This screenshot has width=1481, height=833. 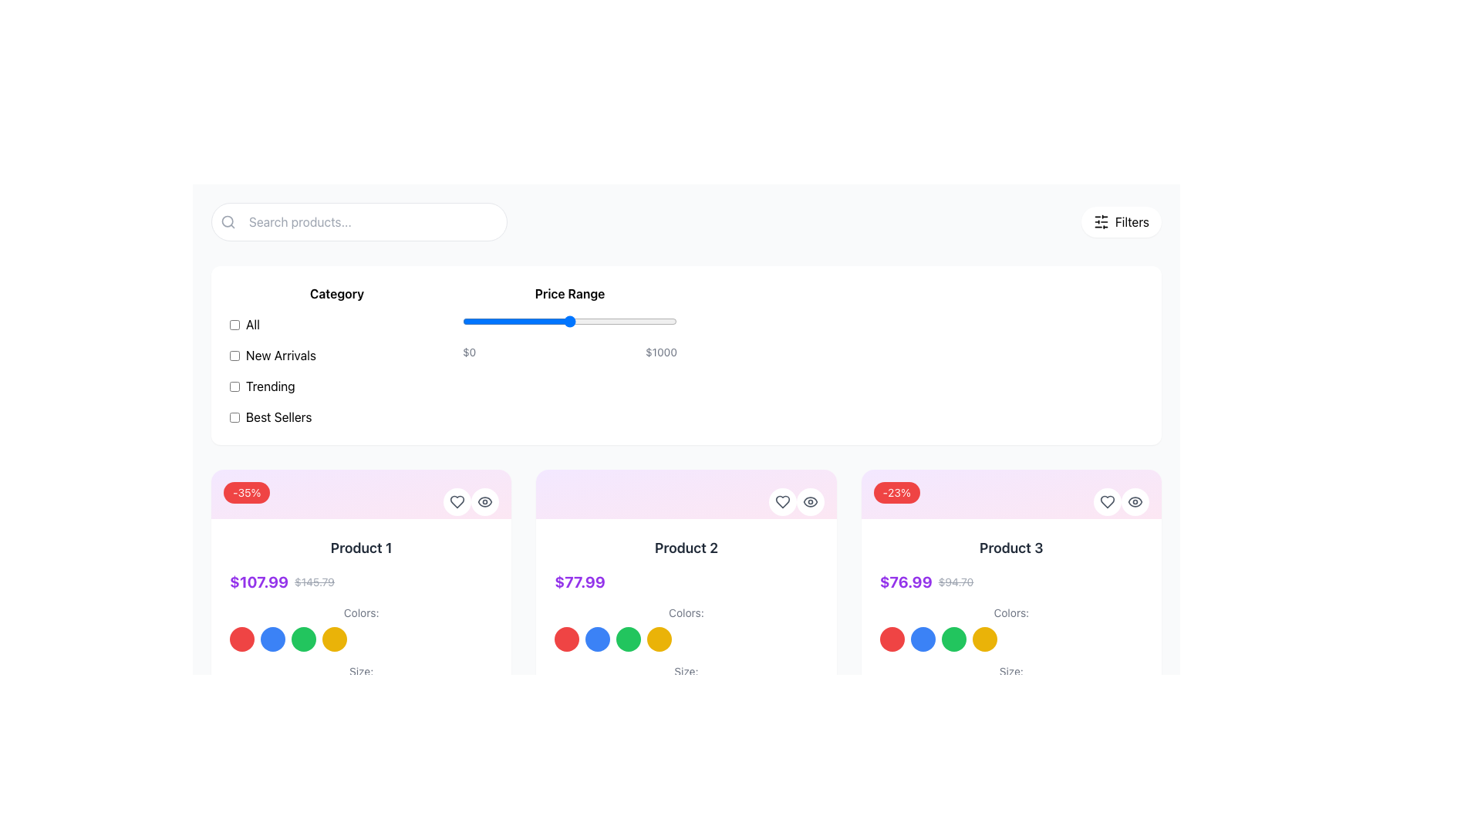 I want to click on the size 'S' button located as the second button in the horizontal arrangement of size options below the product price and color options on the 'Product 2' card, so click(x=609, y=699).